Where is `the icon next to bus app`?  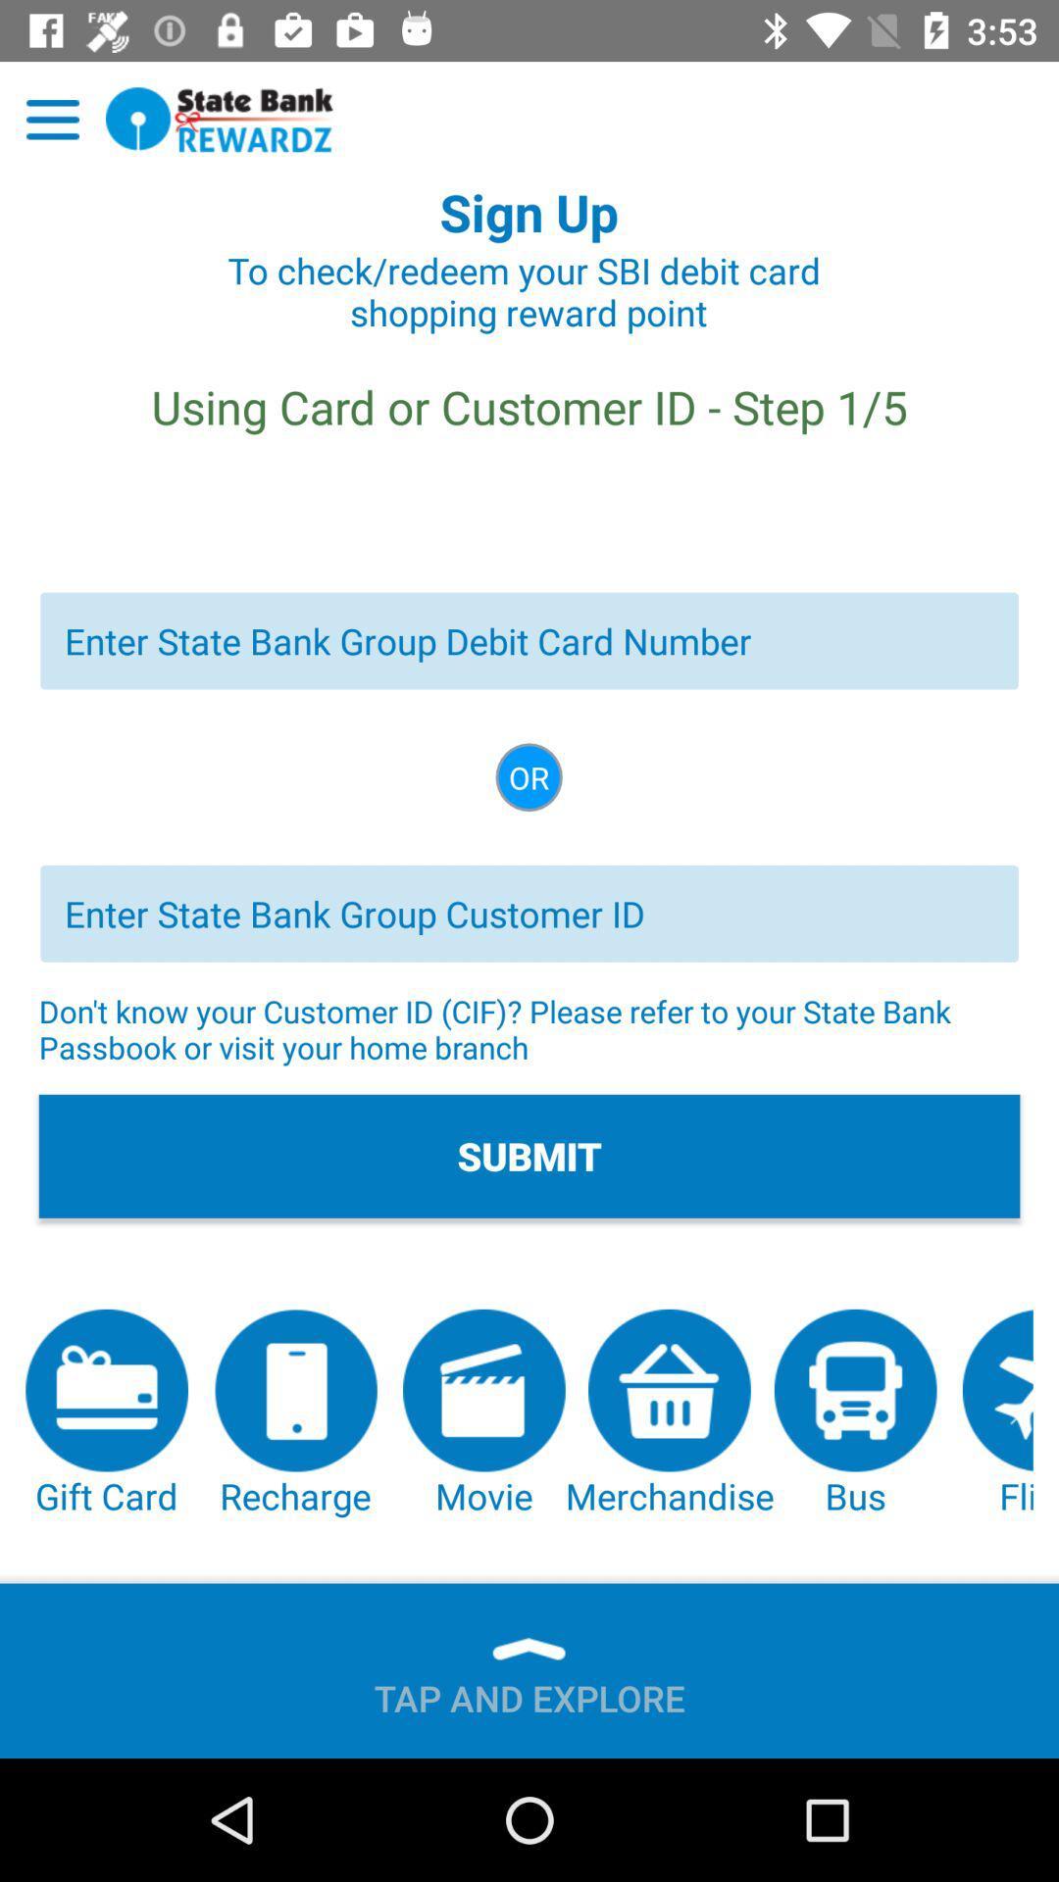 the icon next to bus app is located at coordinates (997, 1414).